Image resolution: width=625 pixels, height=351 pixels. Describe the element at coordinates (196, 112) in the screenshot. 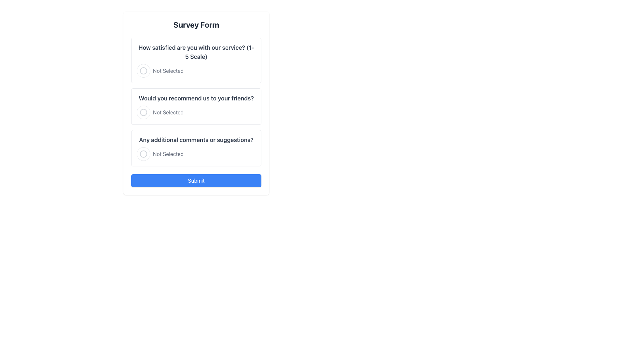

I see `the second radio button option for the question 'Would you recommend us to your friends?'` at that location.